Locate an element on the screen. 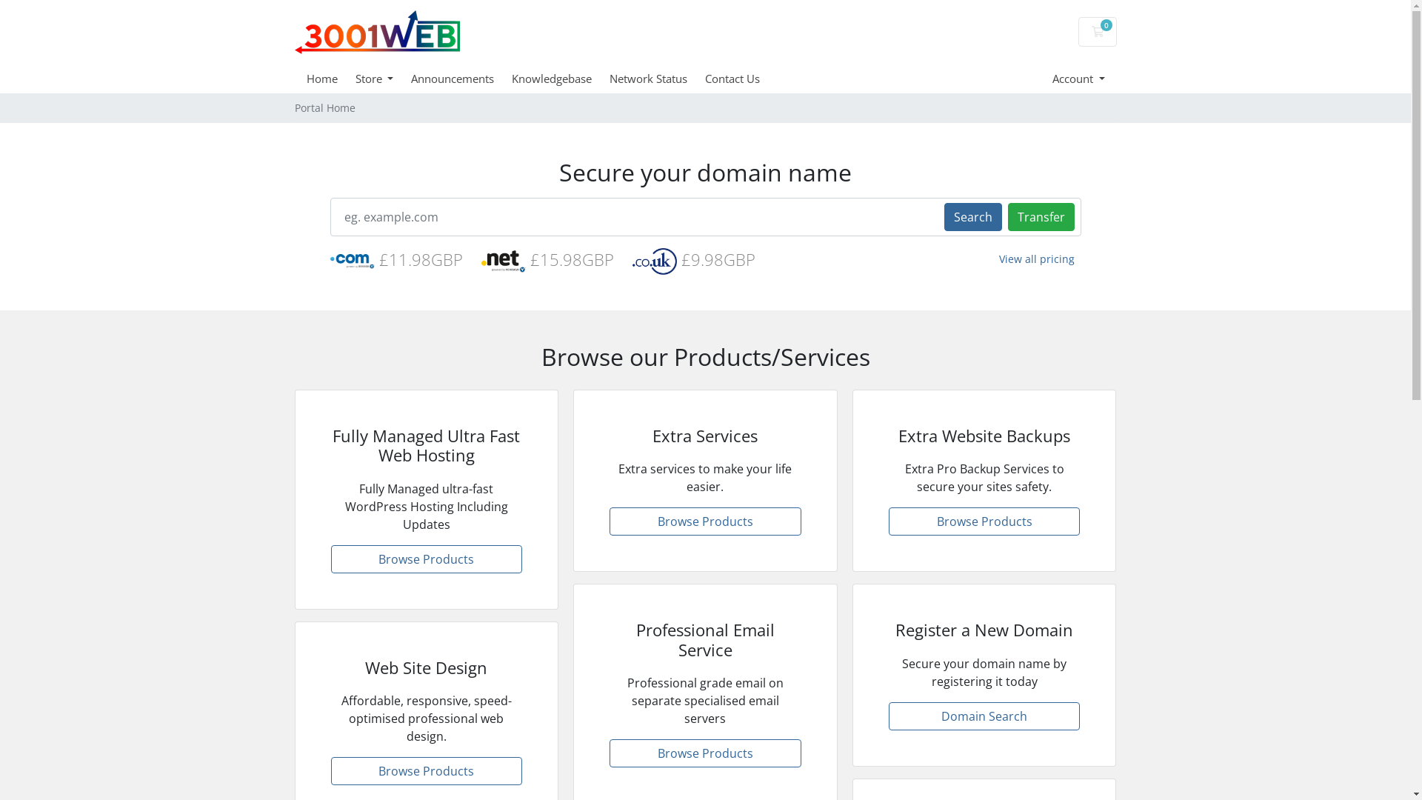 This screenshot has height=800, width=1422. 'Search' is located at coordinates (972, 217).